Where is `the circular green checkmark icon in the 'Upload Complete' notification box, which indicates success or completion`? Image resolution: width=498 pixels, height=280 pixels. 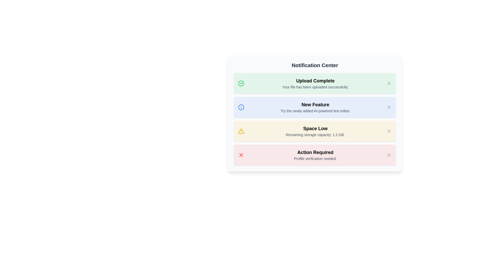
the circular green checkmark icon in the 'Upload Complete' notification box, which indicates success or completion is located at coordinates (241, 83).